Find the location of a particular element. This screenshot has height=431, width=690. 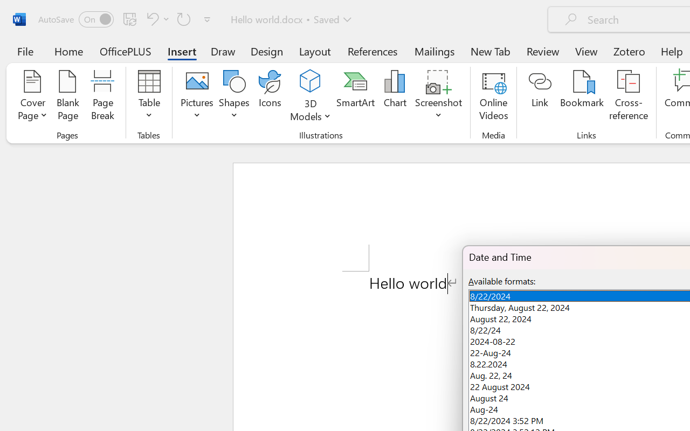

'Can' is located at coordinates (150, 18).